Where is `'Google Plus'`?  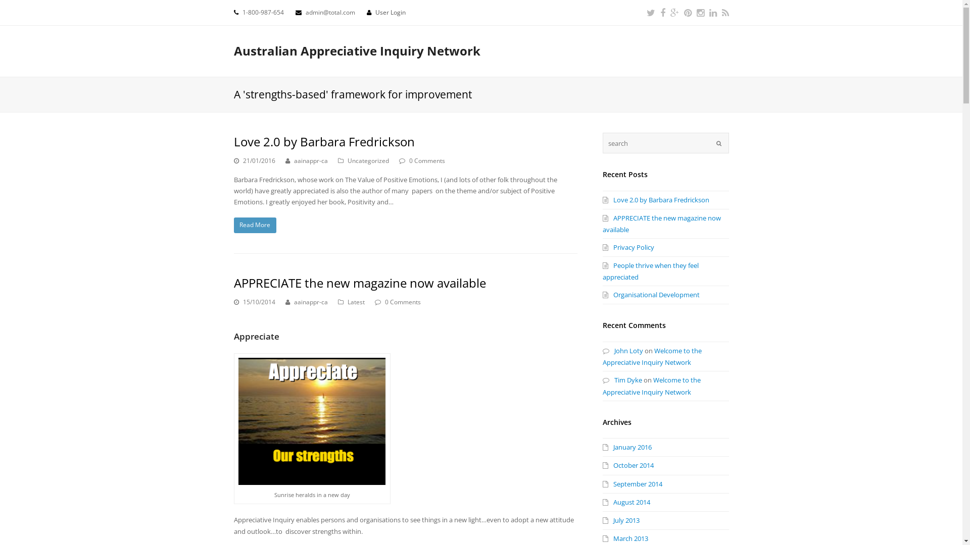
'Google Plus' is located at coordinates (669, 12).